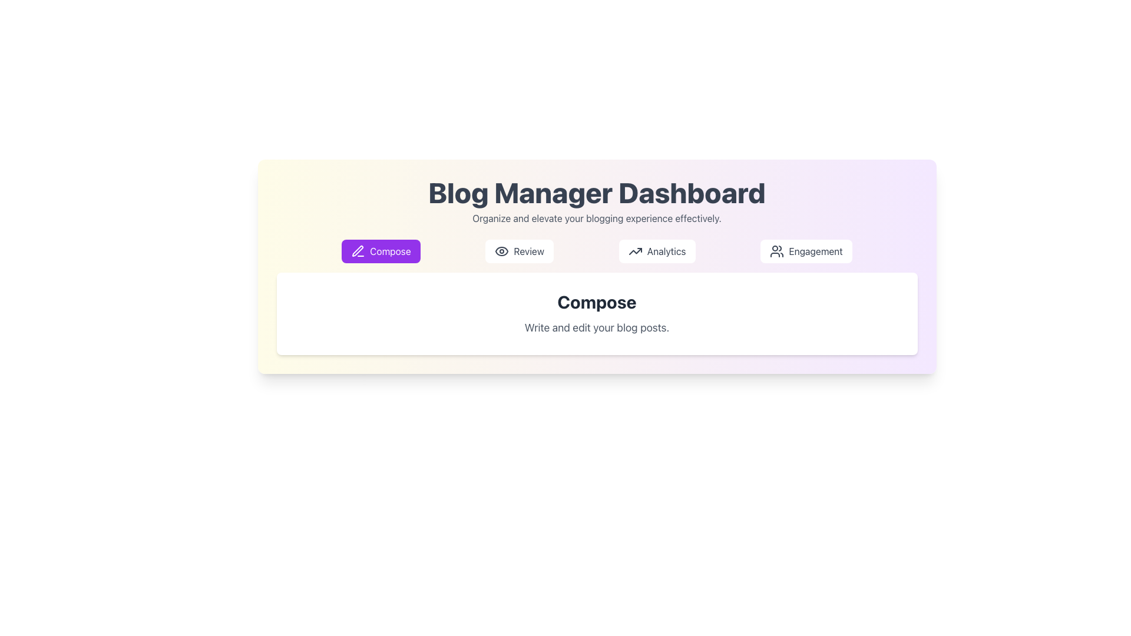 The width and height of the screenshot is (1131, 636). Describe the element at coordinates (666, 251) in the screenshot. I see `the 'Analytics' button, which is the third button from the left in the horizontal row of menu options` at that location.